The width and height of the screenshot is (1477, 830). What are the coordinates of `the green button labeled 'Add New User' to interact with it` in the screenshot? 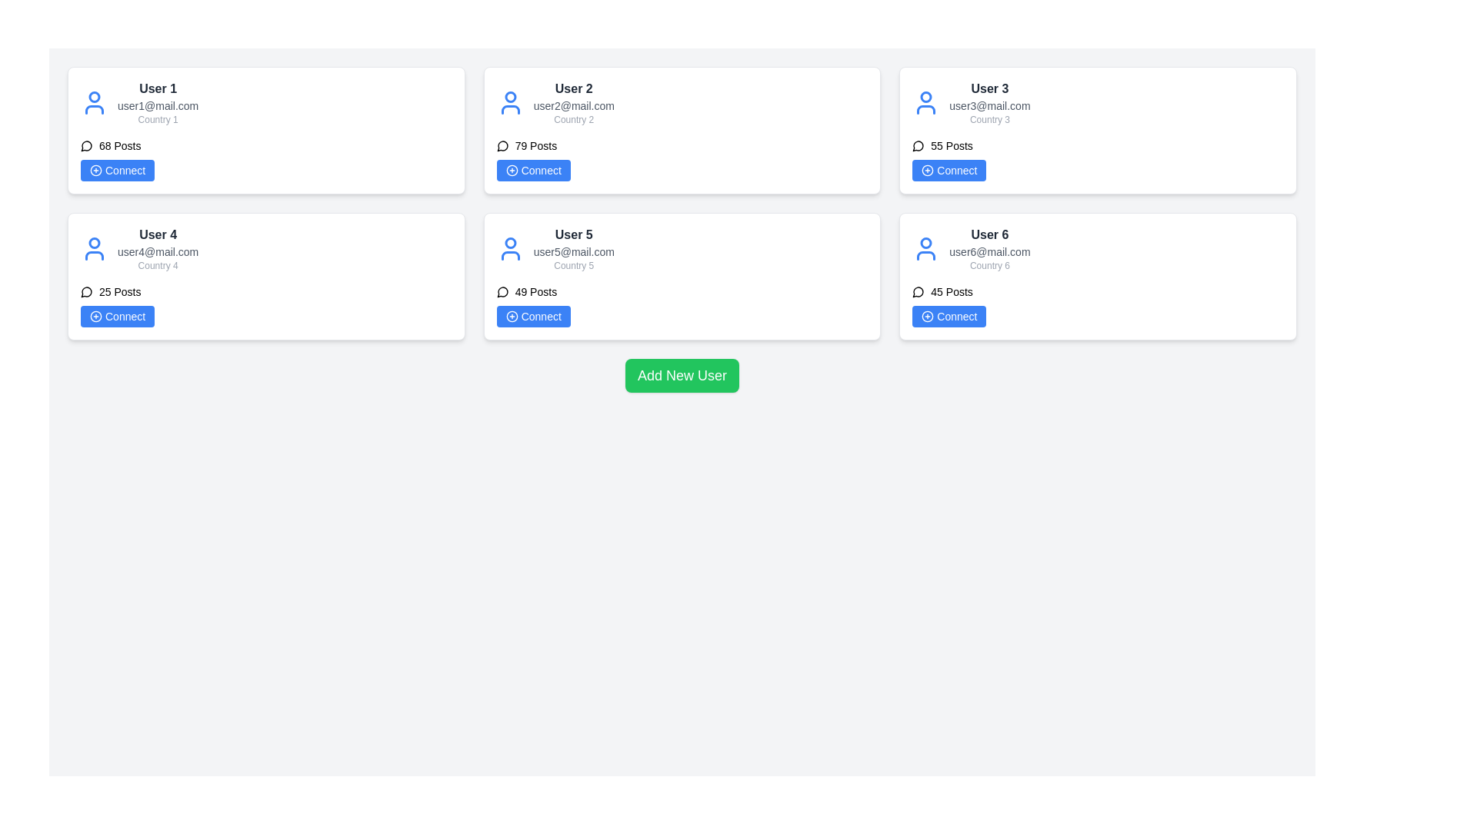 It's located at (682, 376).